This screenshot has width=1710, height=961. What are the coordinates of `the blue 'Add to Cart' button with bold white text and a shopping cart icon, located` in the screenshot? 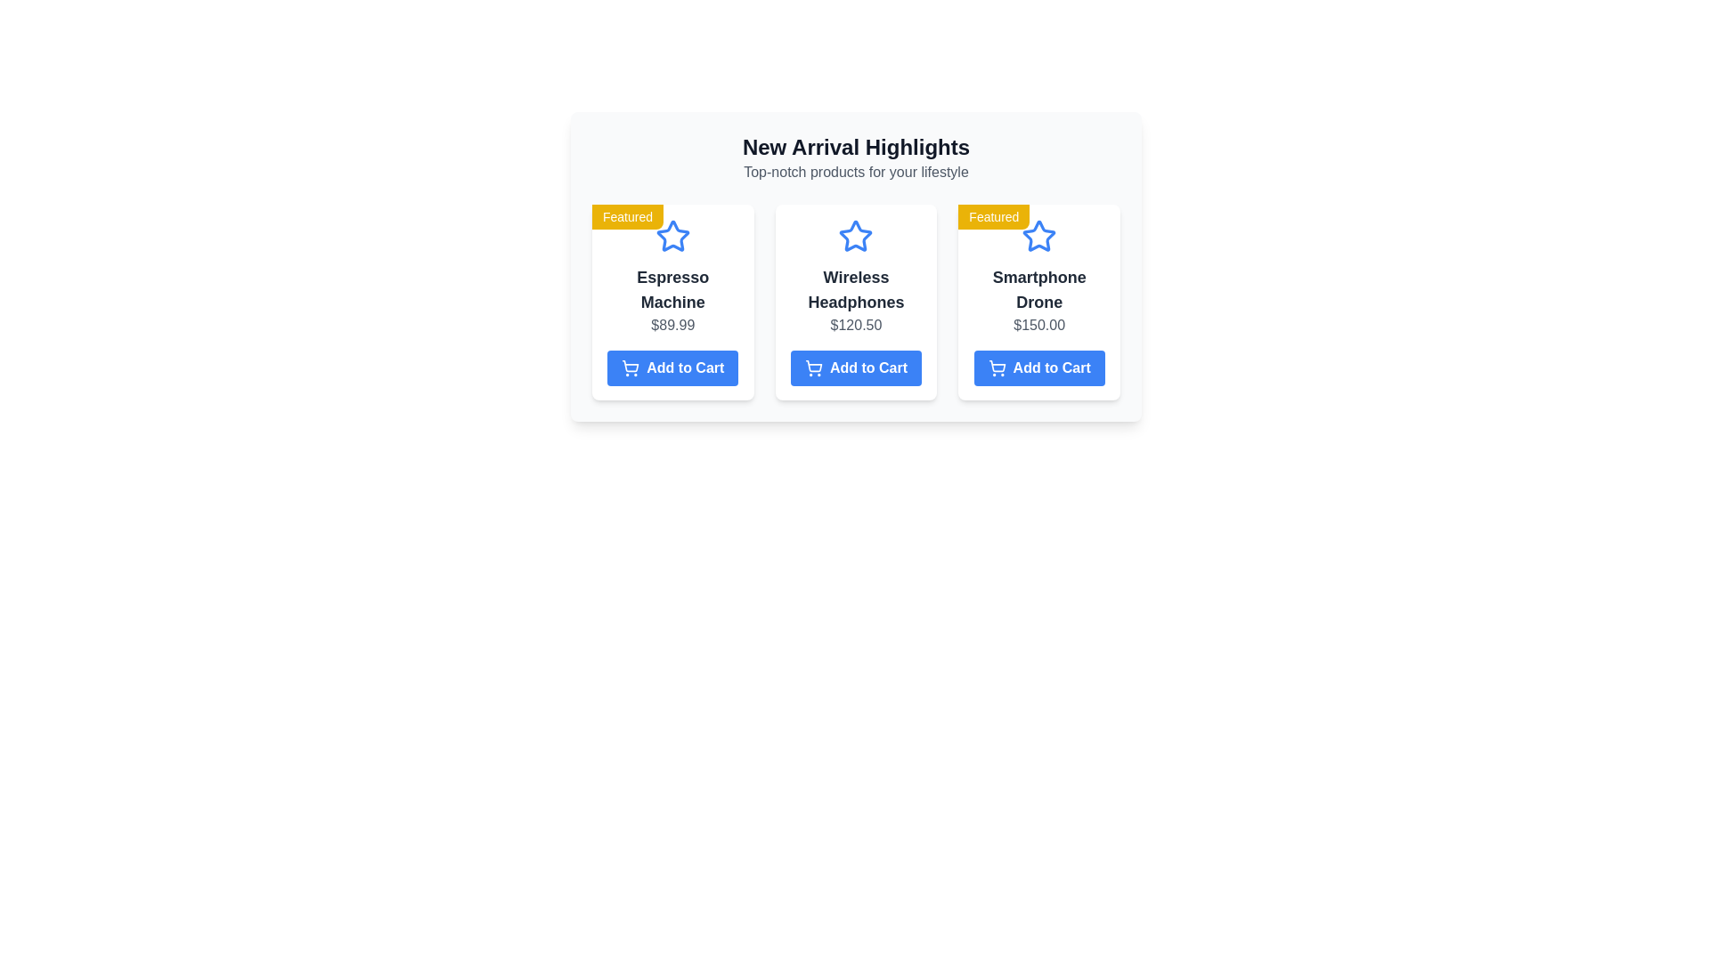 It's located at (1039, 367).